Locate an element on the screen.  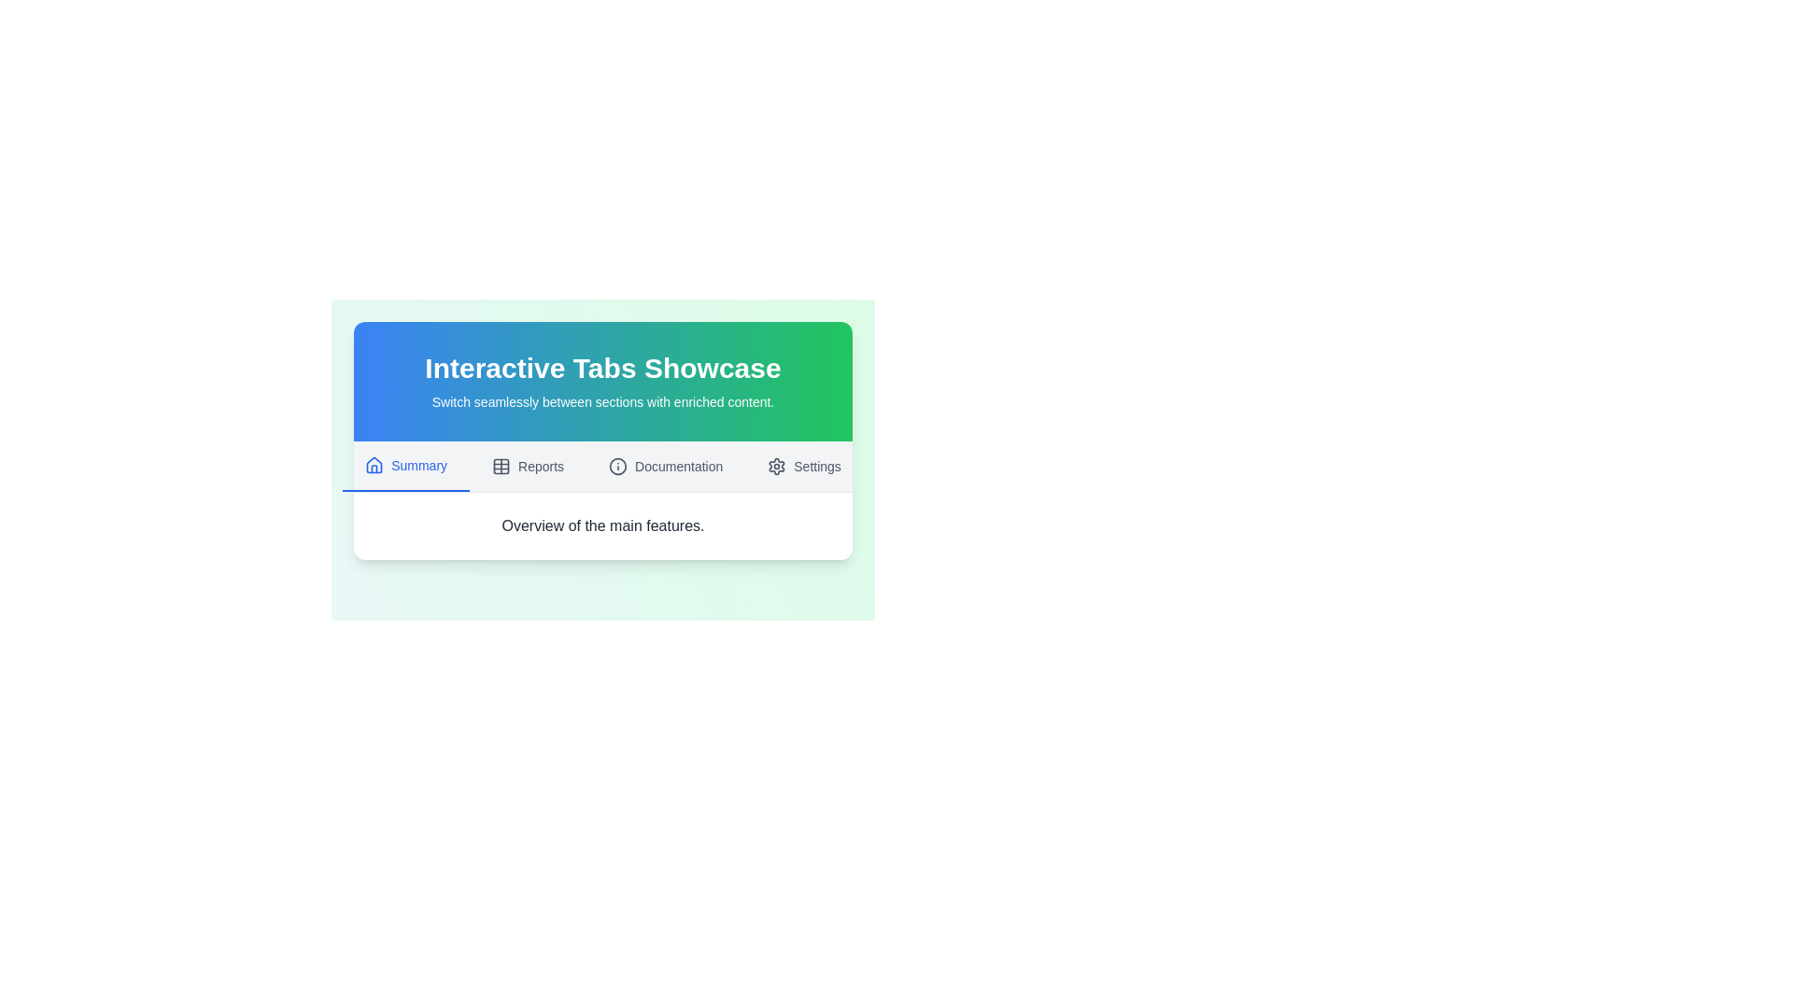
the small blue house icon located on the left side of the 'Summary' tab is located at coordinates (374, 464).